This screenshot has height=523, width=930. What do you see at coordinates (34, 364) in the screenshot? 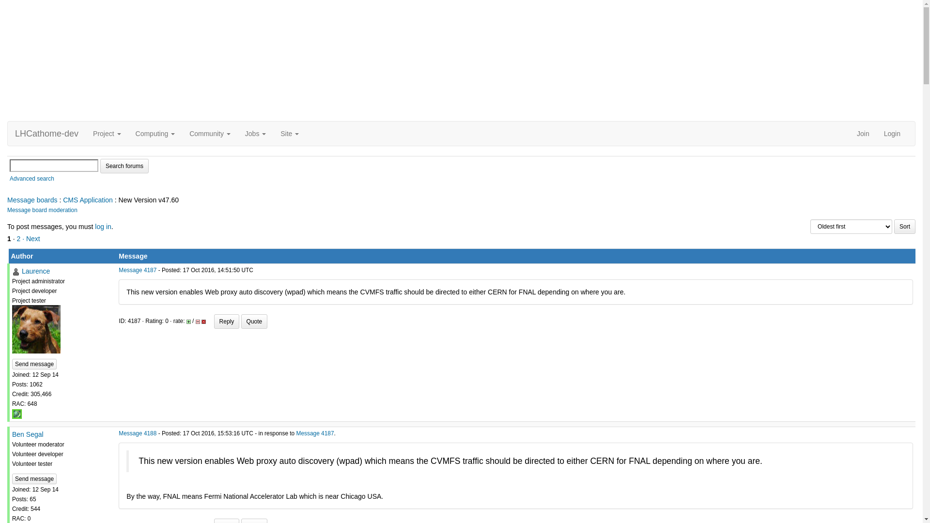
I see `'Send message'` at bounding box center [34, 364].